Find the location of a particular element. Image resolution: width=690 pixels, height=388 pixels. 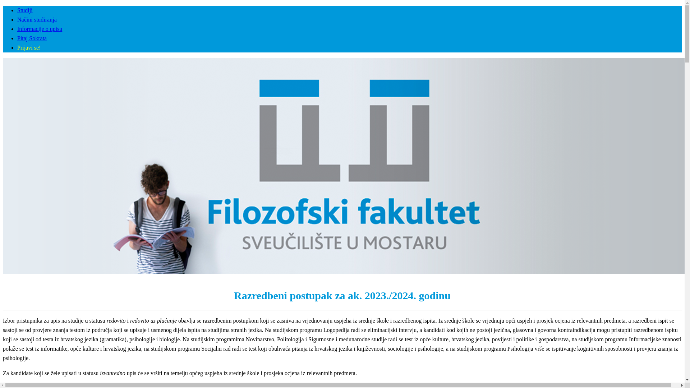

'Prijavi se!' is located at coordinates (29, 47).